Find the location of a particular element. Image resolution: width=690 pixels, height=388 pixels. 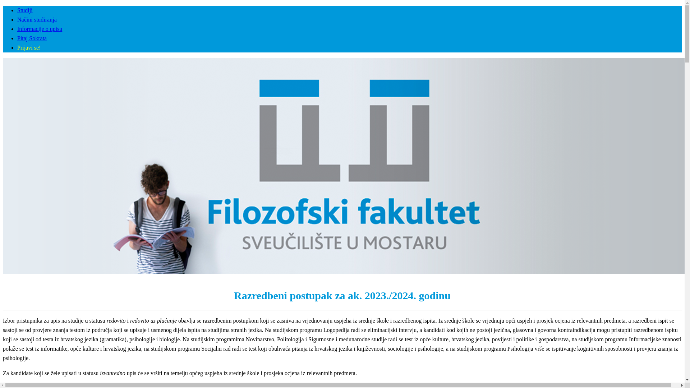

'Prijavi se!' is located at coordinates (29, 47).